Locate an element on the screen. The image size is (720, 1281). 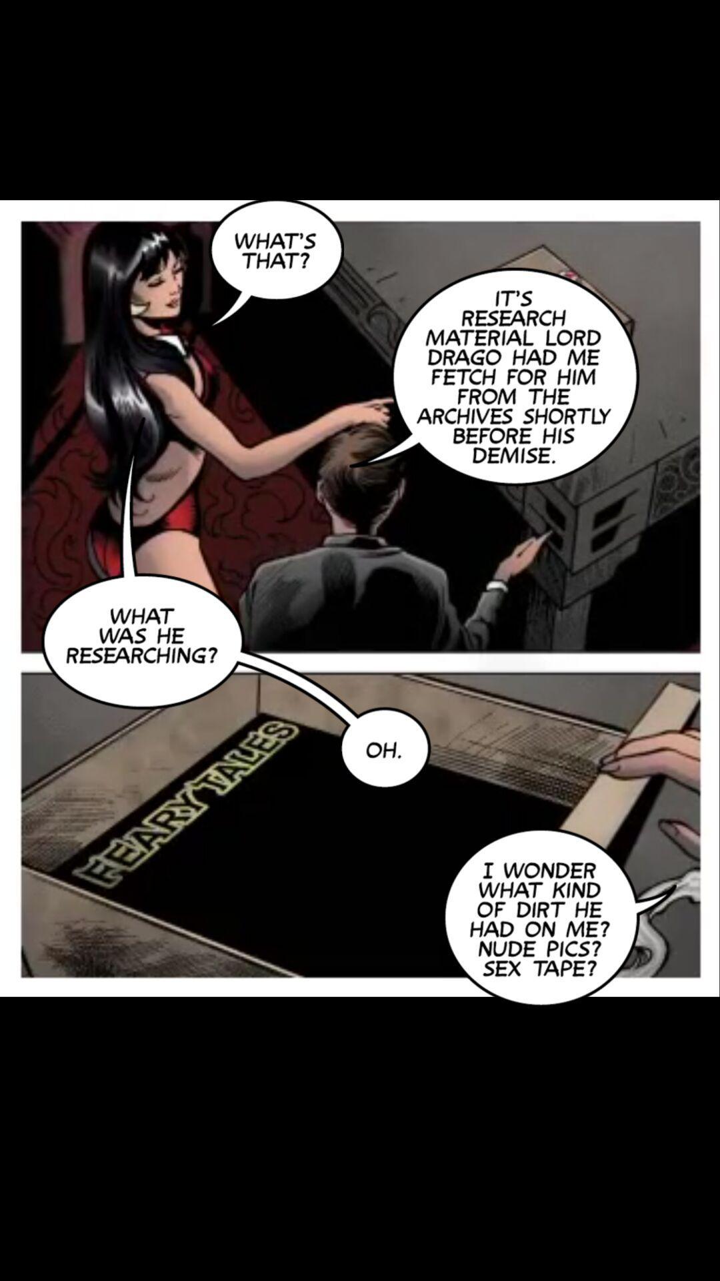
for comics is located at coordinates (269, 266).